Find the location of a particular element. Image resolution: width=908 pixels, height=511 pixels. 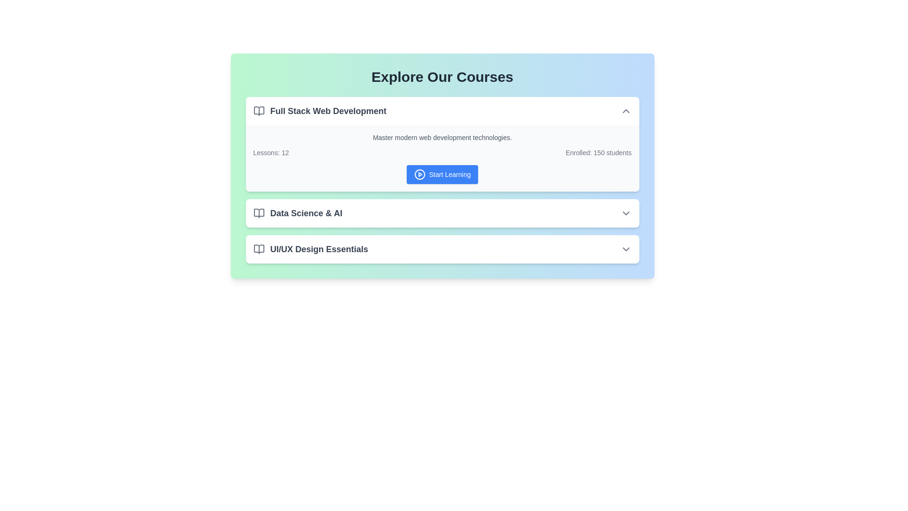

the open book icon located on the left side of the course title 'Full Stack Web Development', which features a minimalist gray design with rounded corners is located at coordinates (259, 111).